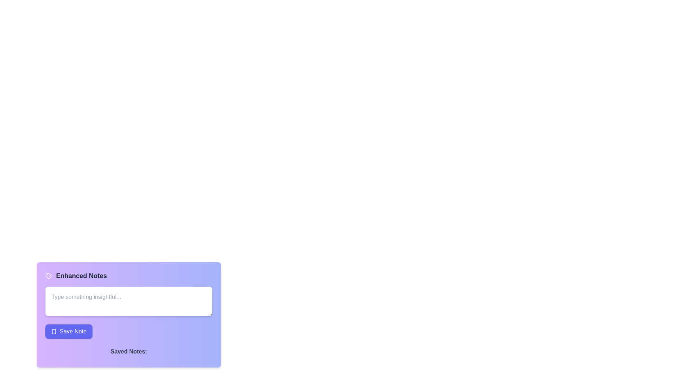 The width and height of the screenshot is (691, 388). I want to click on the tag icon located at the top-left corner of the 'Enhanced Notes' purple interface box, aligned next to the title text 'Enhanced Notes.', so click(48, 275).